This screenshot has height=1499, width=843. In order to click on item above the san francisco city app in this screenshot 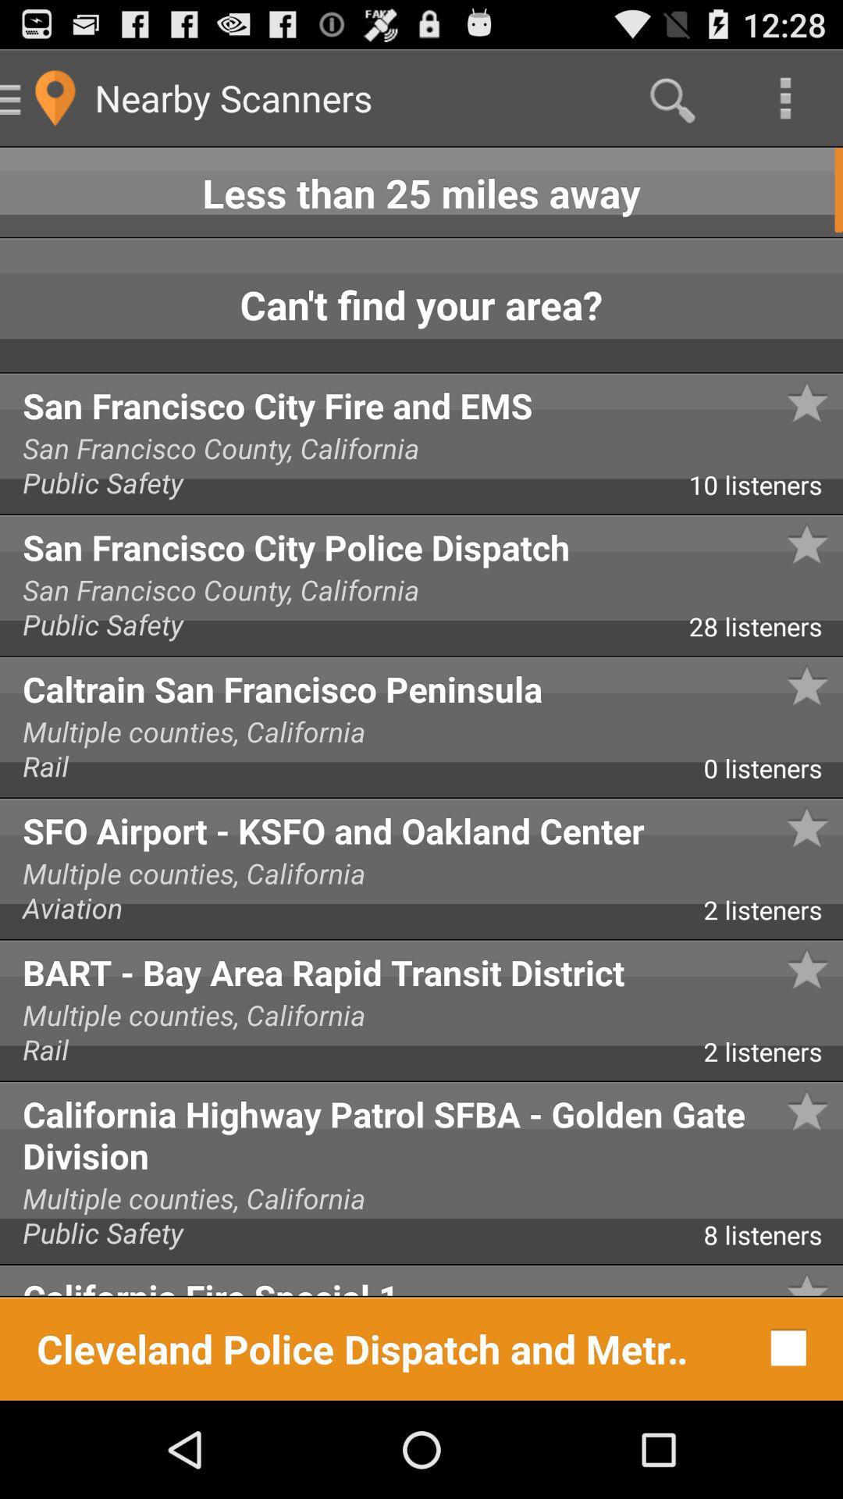, I will do `click(421, 305)`.